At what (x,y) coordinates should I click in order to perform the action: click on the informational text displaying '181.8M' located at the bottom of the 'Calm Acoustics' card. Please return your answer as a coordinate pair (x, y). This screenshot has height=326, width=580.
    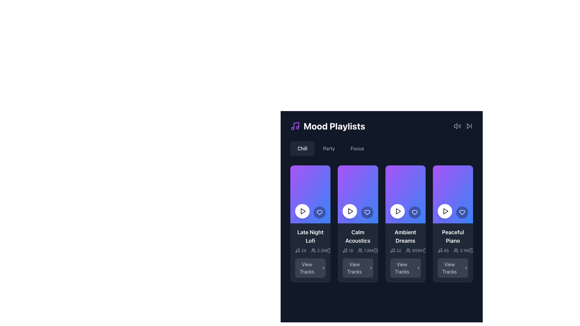
    Looking at the image, I should click on (358, 250).